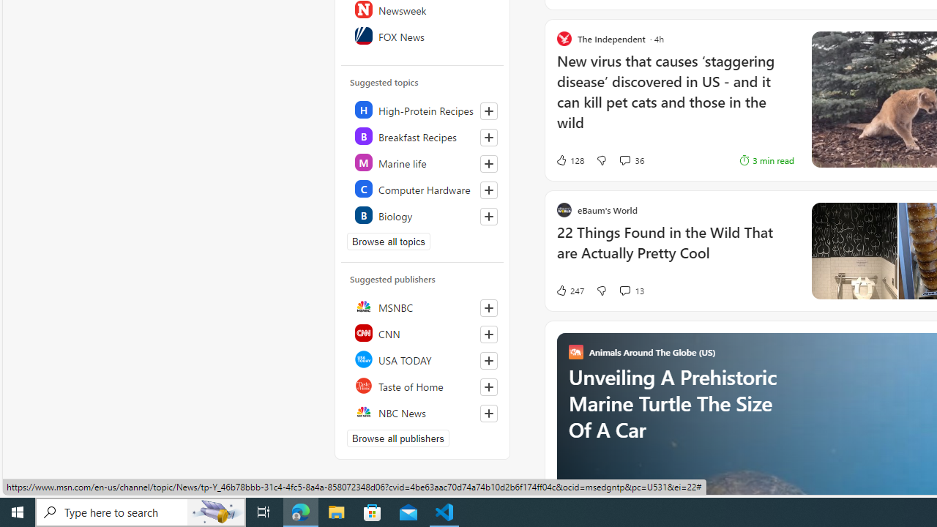  I want to click on '22 Things Found in the Wild That are Actually Pretty Cool', so click(674, 250).